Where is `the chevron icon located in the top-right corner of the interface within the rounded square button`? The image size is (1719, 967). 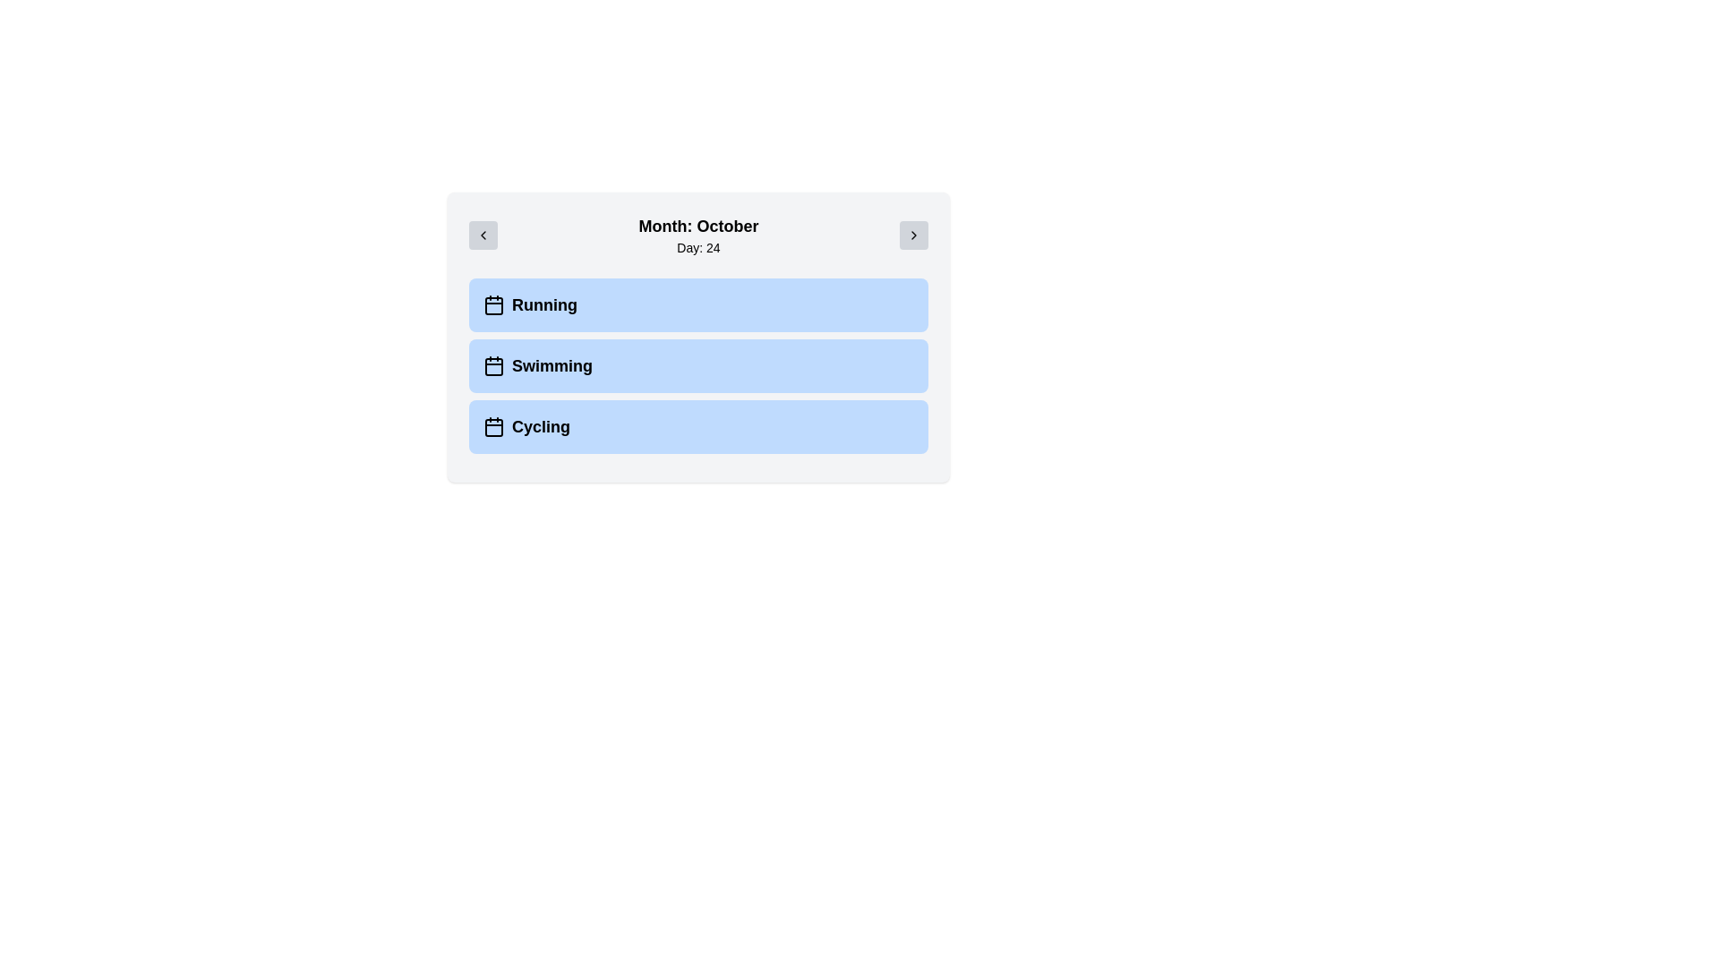
the chevron icon located in the top-right corner of the interface within the rounded square button is located at coordinates (914, 234).